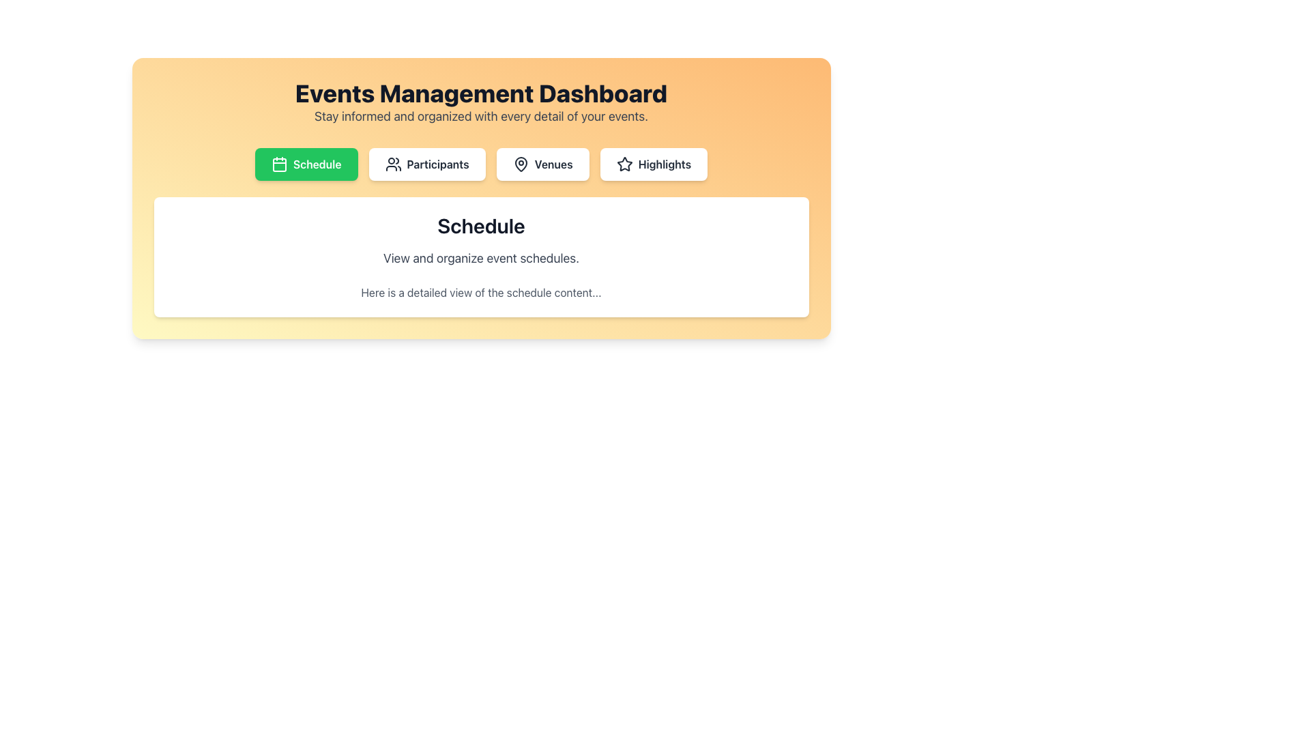  What do you see at coordinates (278, 164) in the screenshot?
I see `the decorative rounded rectangle SVG element located within the calendar icon on the green 'Schedule' button` at bounding box center [278, 164].